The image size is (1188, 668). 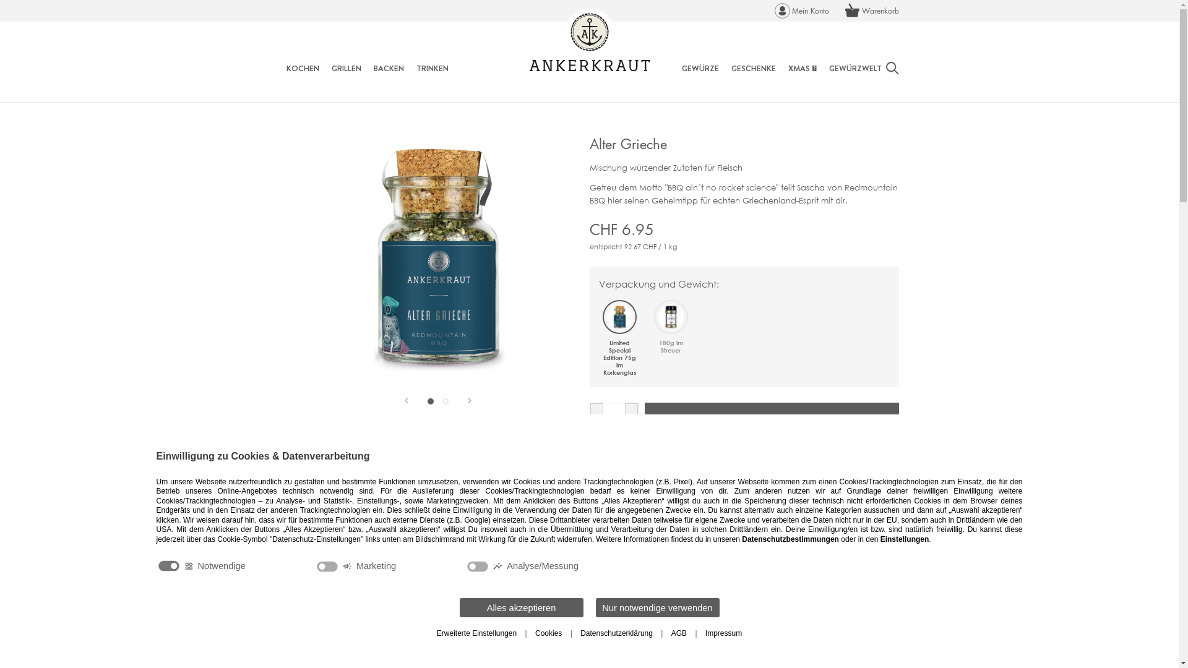 What do you see at coordinates (802, 11) in the screenshot?
I see `'Mein Konto'` at bounding box center [802, 11].